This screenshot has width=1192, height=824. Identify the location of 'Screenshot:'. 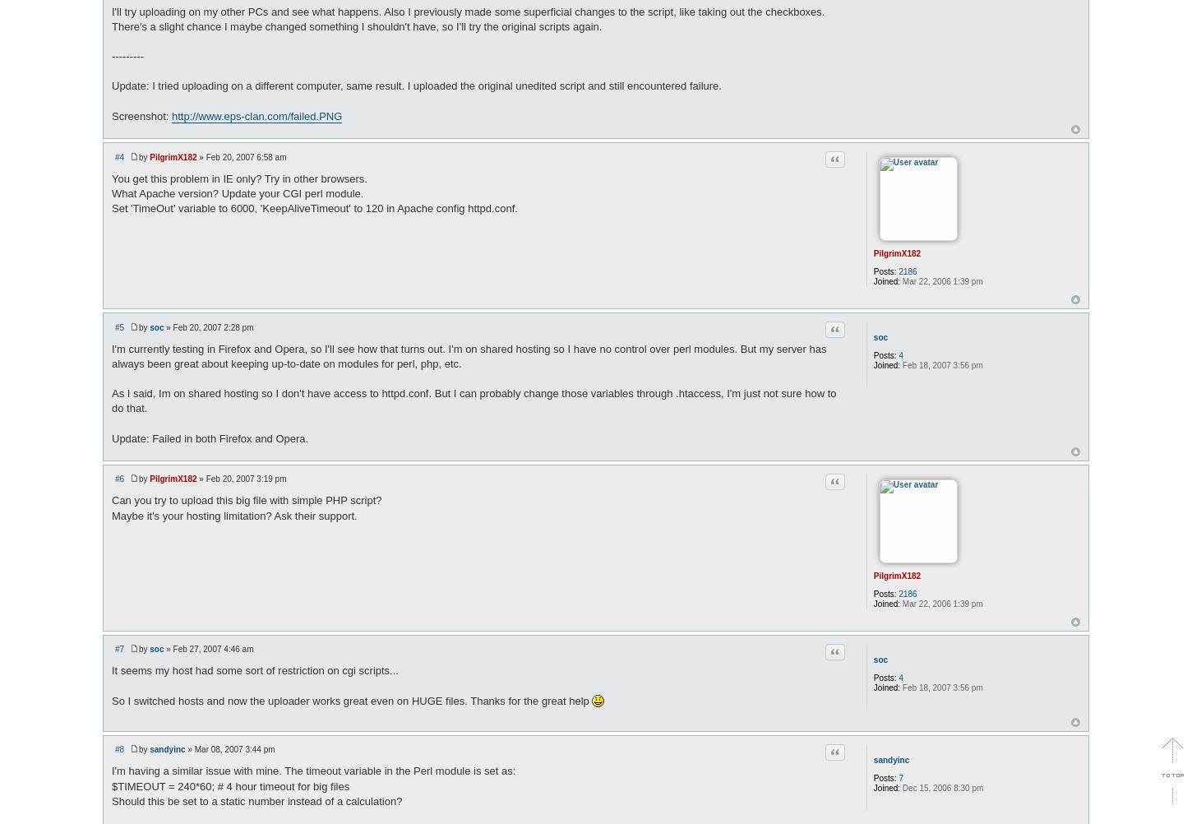
(141, 114).